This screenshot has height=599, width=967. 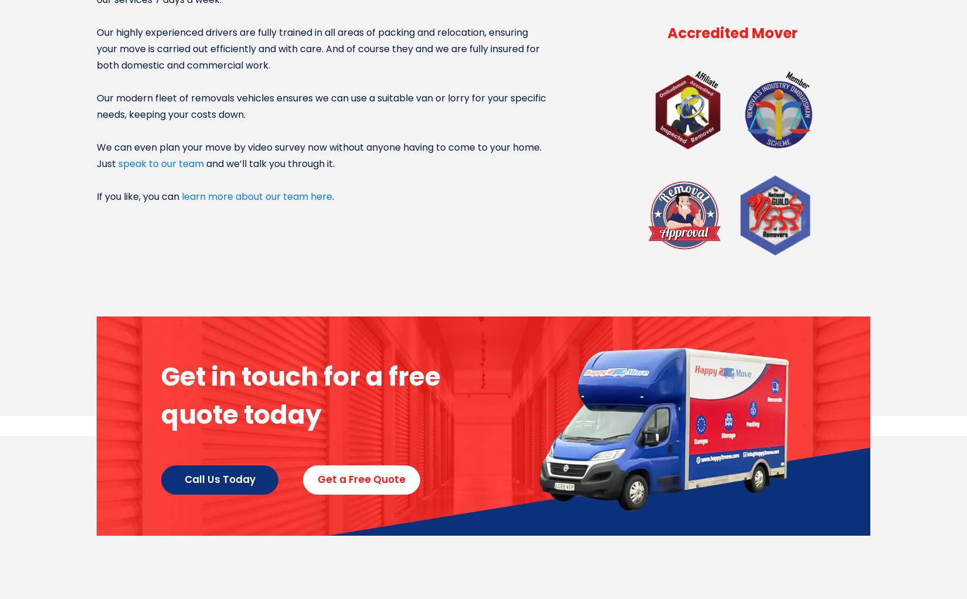 What do you see at coordinates (300, 395) in the screenshot?
I see `'Get in touch for a free quote today'` at bounding box center [300, 395].